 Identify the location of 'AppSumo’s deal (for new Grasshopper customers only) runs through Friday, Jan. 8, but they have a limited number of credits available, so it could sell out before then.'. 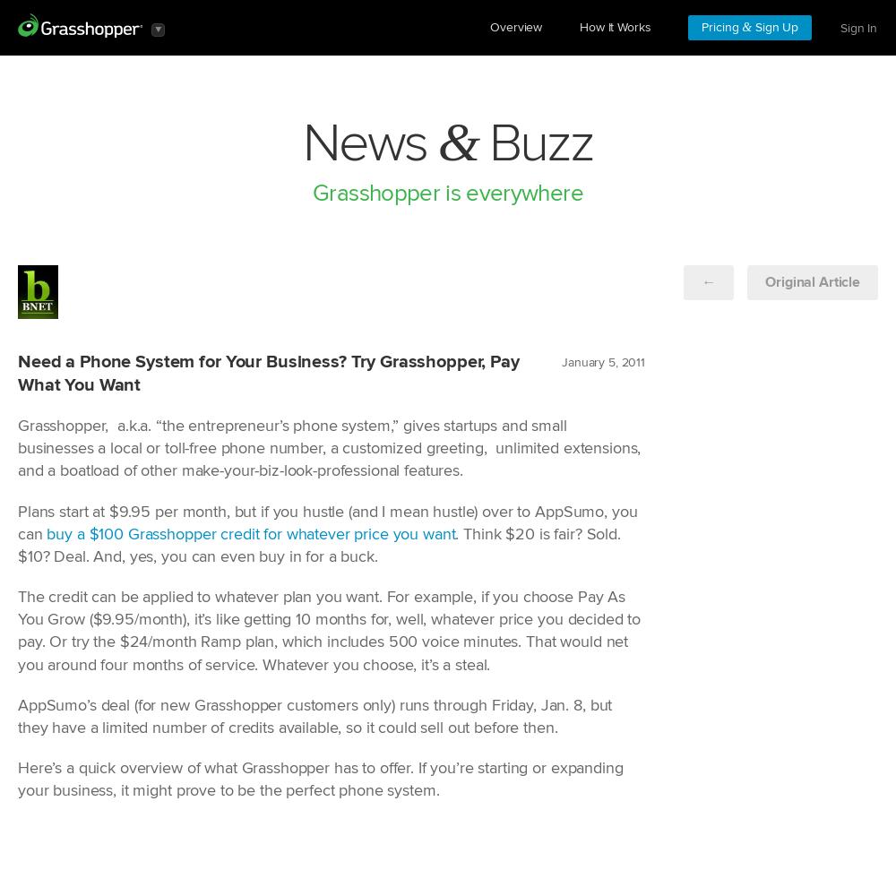
(314, 716).